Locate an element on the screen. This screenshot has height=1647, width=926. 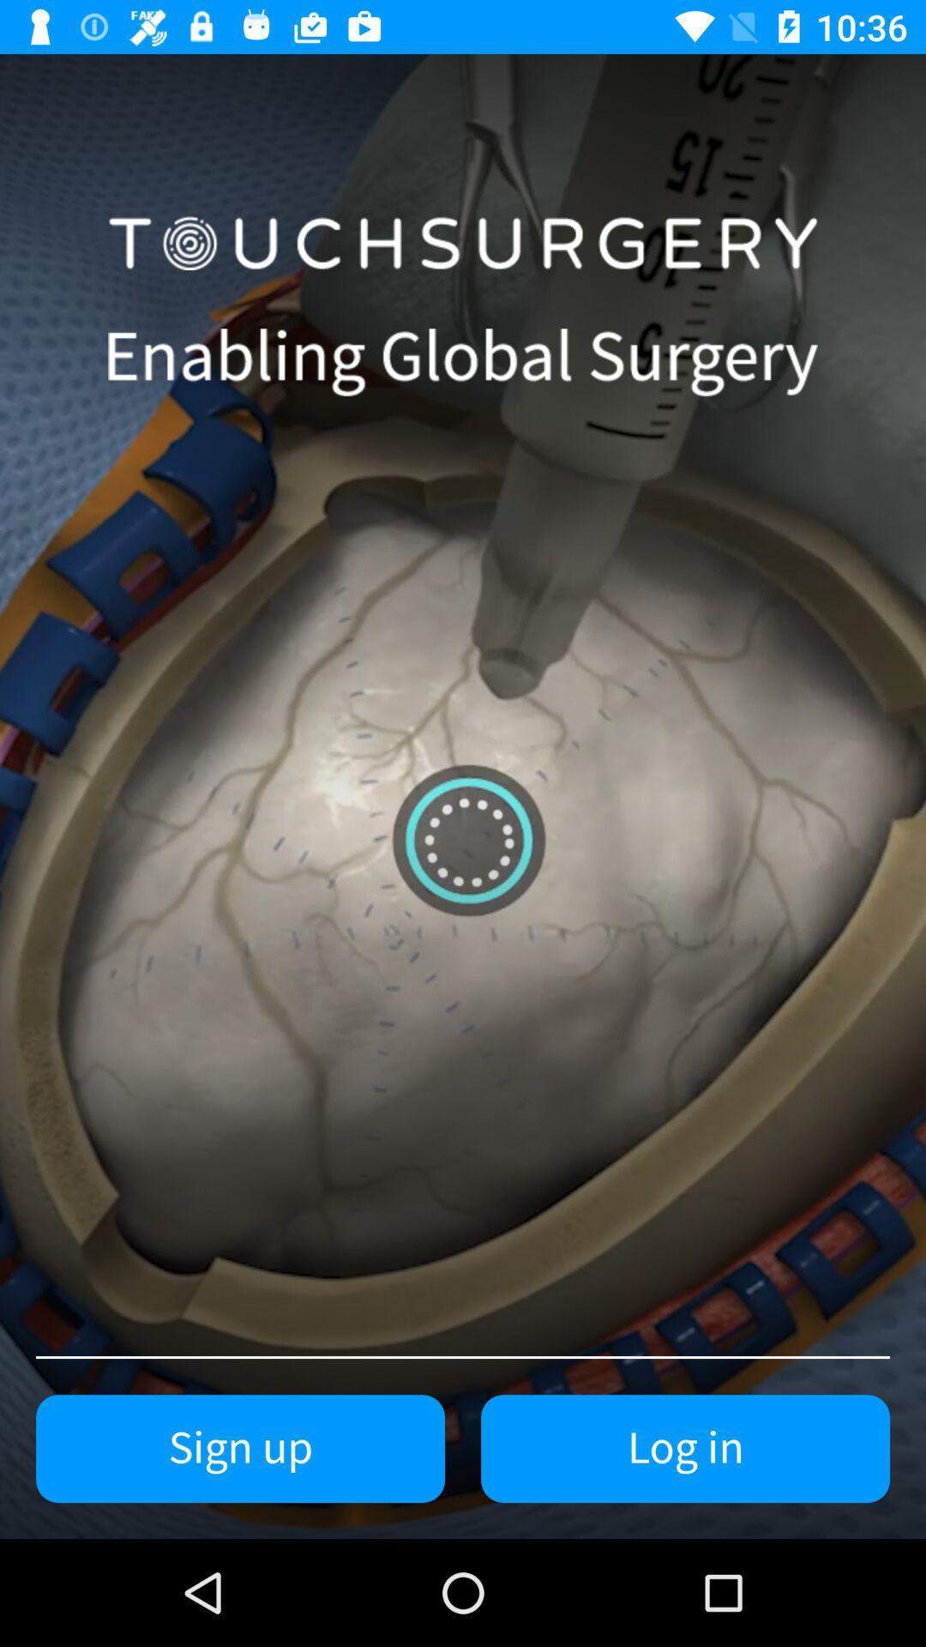
icon next to the log in is located at coordinates (240, 1448).